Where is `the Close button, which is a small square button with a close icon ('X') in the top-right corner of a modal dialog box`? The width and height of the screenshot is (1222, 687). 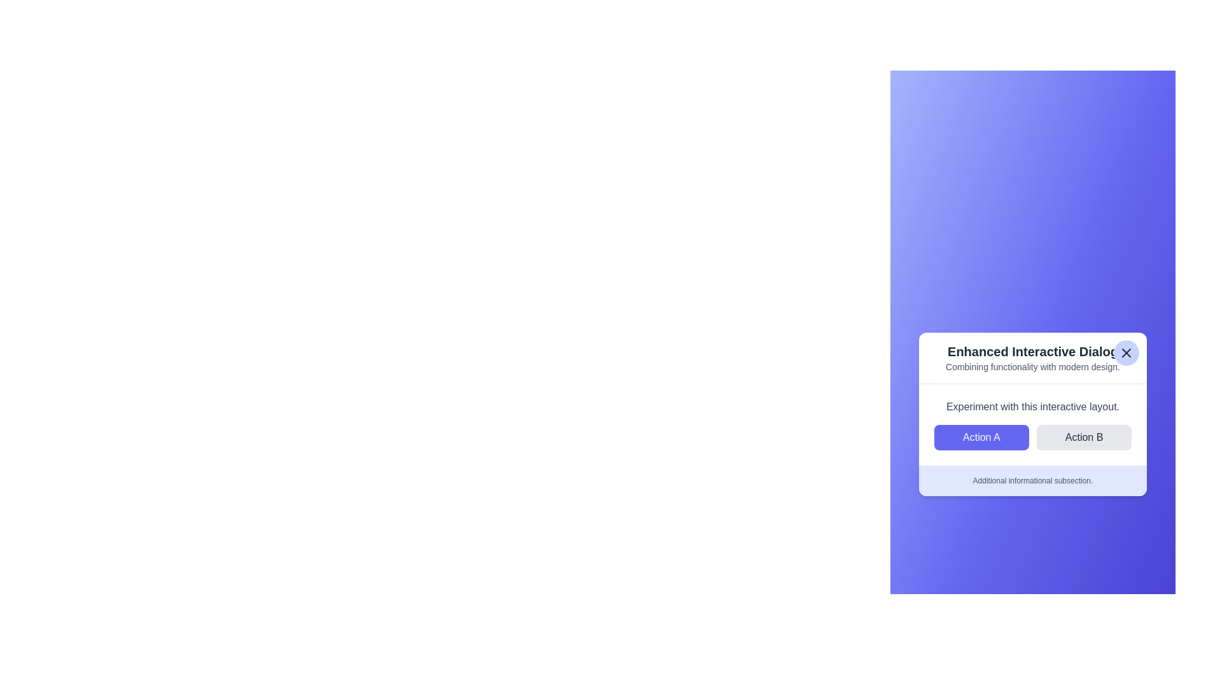
the Close button, which is a small square button with a close icon ('X') in the top-right corner of a modal dialog box is located at coordinates (1127, 352).